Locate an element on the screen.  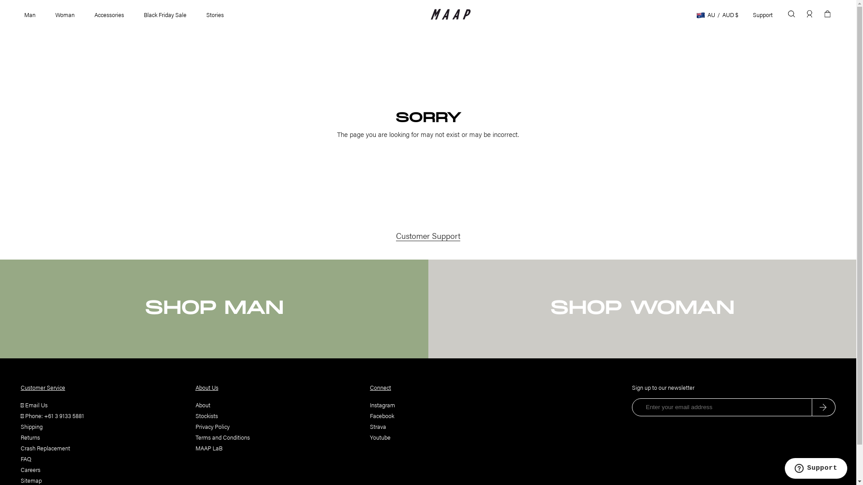
'FAQ' is located at coordinates (26, 459).